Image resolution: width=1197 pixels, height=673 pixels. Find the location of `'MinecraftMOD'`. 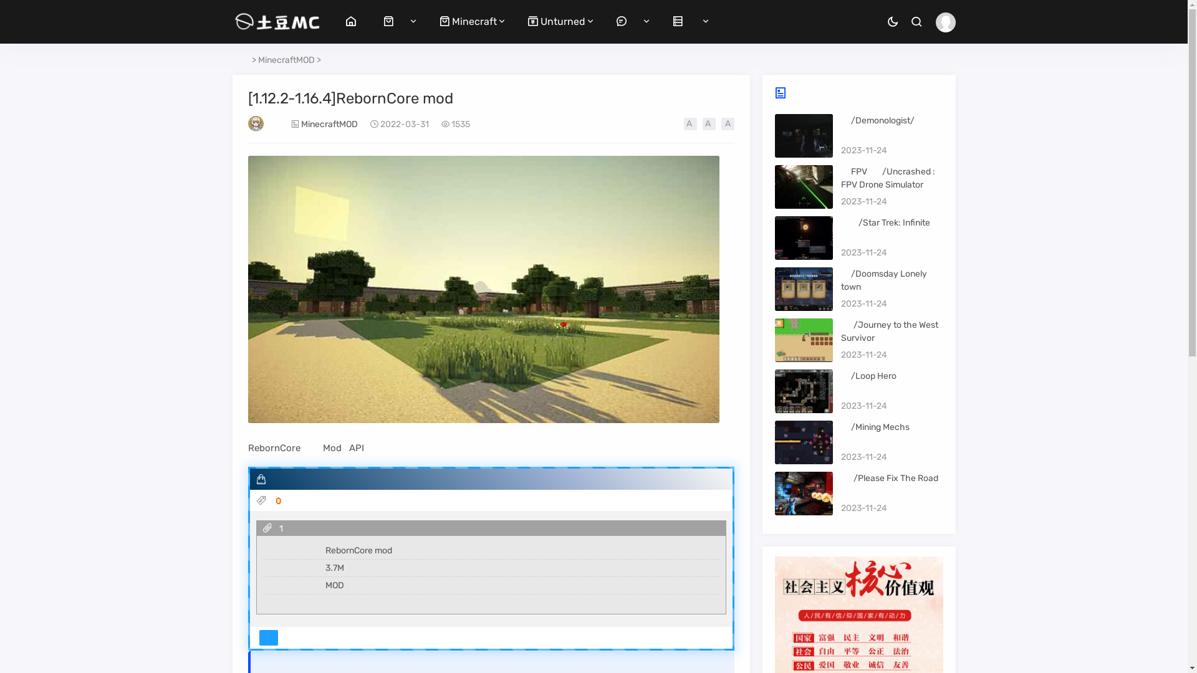

'MinecraftMOD' is located at coordinates (329, 124).